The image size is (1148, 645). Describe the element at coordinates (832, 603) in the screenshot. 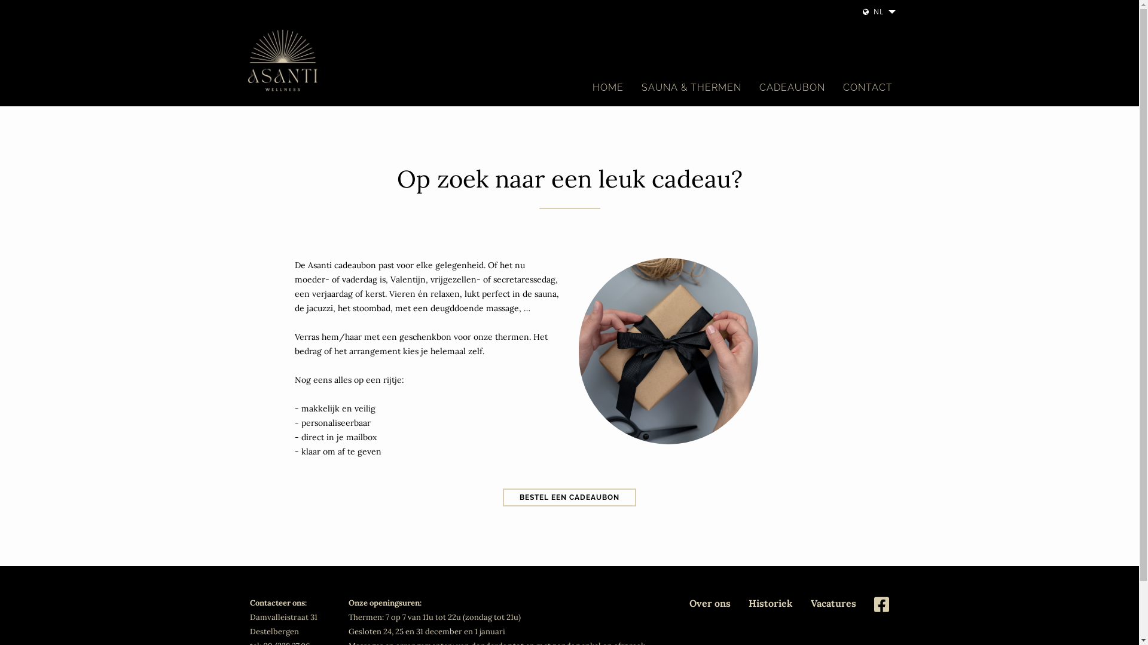

I see `'Vacatures'` at that location.